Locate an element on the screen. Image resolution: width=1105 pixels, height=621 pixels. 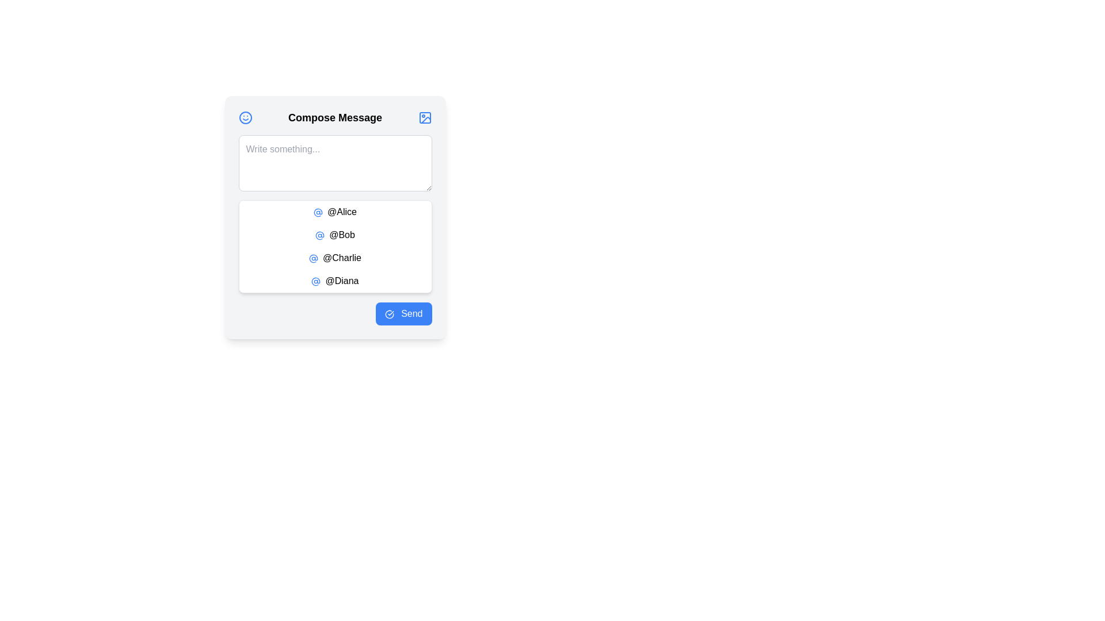
the label or heading text that provides context for the message composing interface, located at the top of the interface, centered horizontally is located at coordinates (334, 117).